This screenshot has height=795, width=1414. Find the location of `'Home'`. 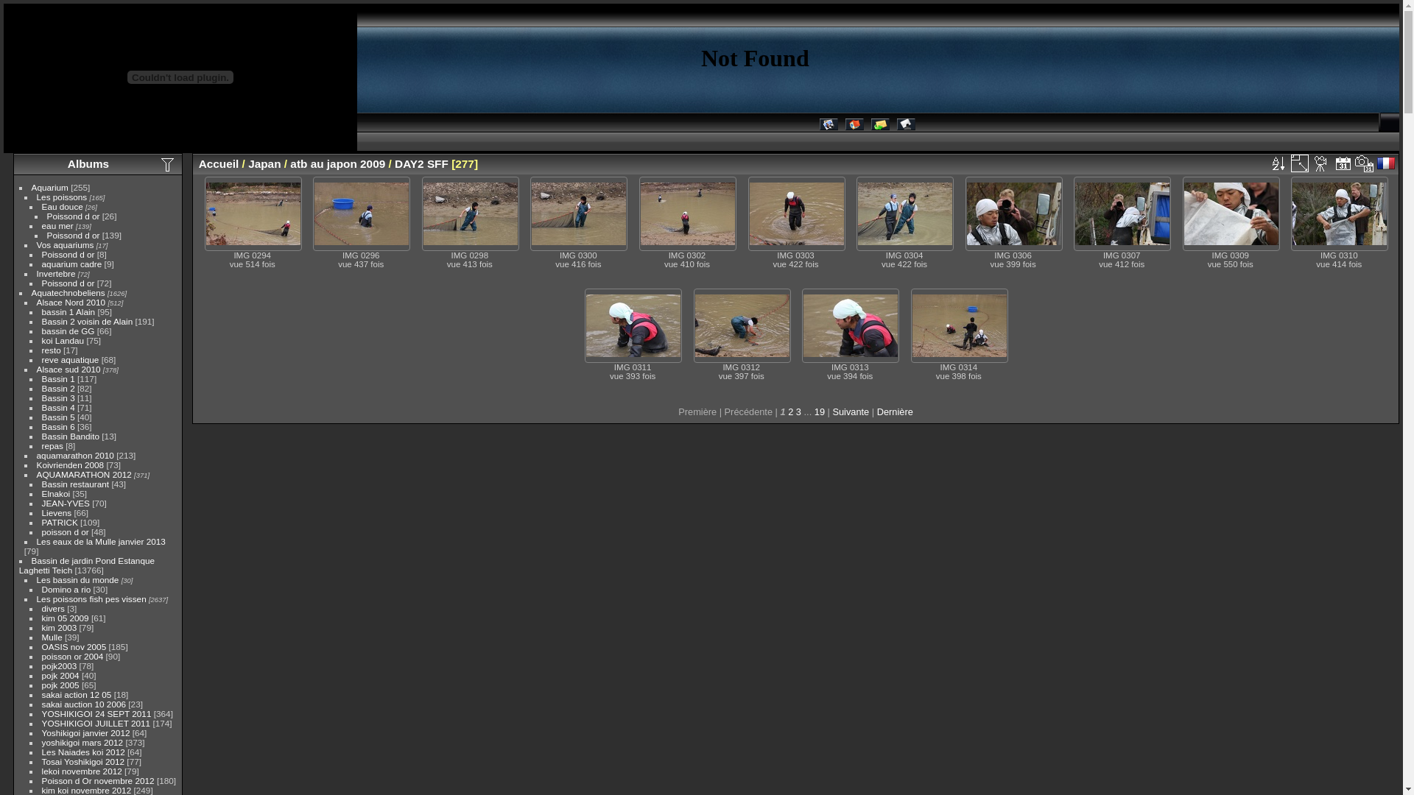

'Home' is located at coordinates (854, 126).